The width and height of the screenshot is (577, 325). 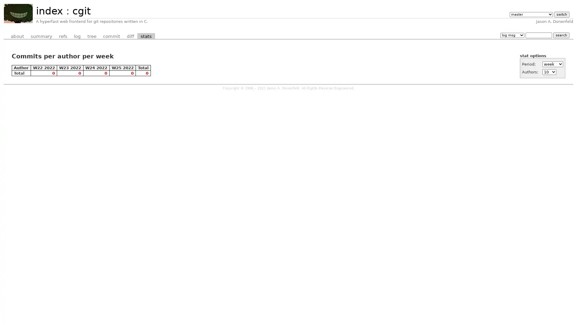 What do you see at coordinates (561, 14) in the screenshot?
I see `switch` at bounding box center [561, 14].